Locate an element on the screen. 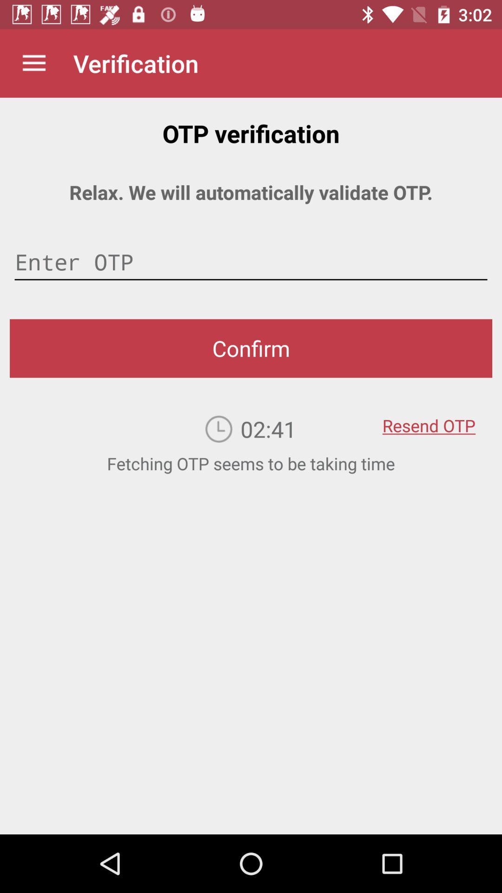 Image resolution: width=502 pixels, height=893 pixels. the  resend otp is located at coordinates (429, 419).